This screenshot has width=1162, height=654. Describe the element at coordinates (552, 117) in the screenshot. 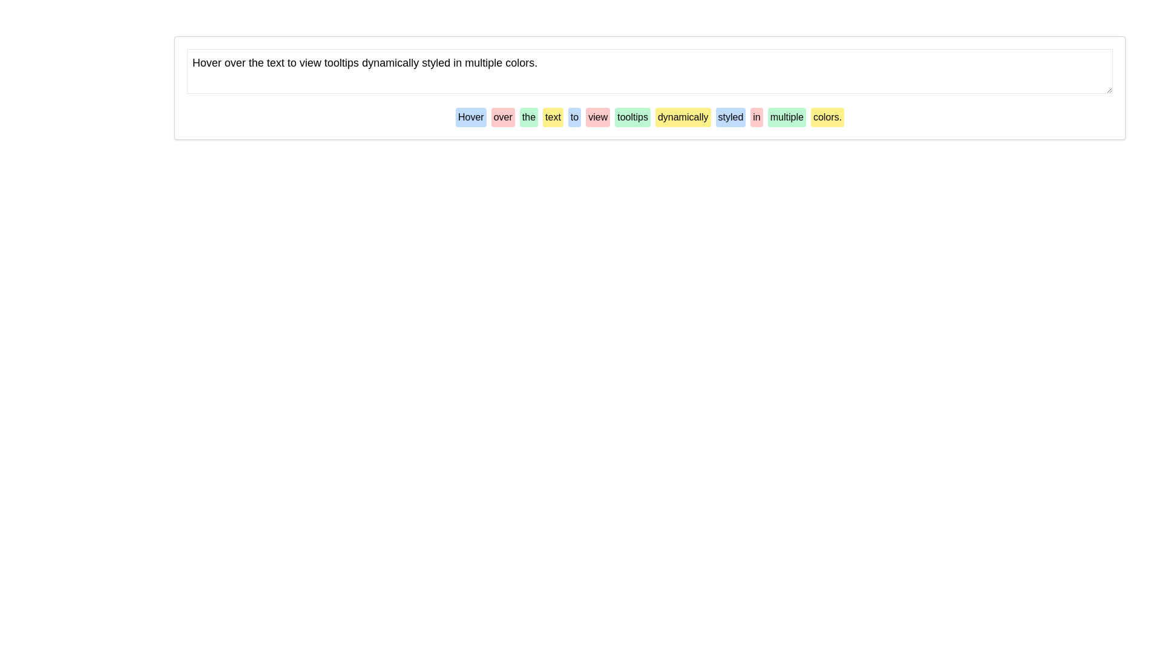

I see `the button-like UI component with rounded corners and a yellow background displaying the text 'Tooltip for texttext', which is the fourth item in a horizontal sequence of similarly styled components` at that location.